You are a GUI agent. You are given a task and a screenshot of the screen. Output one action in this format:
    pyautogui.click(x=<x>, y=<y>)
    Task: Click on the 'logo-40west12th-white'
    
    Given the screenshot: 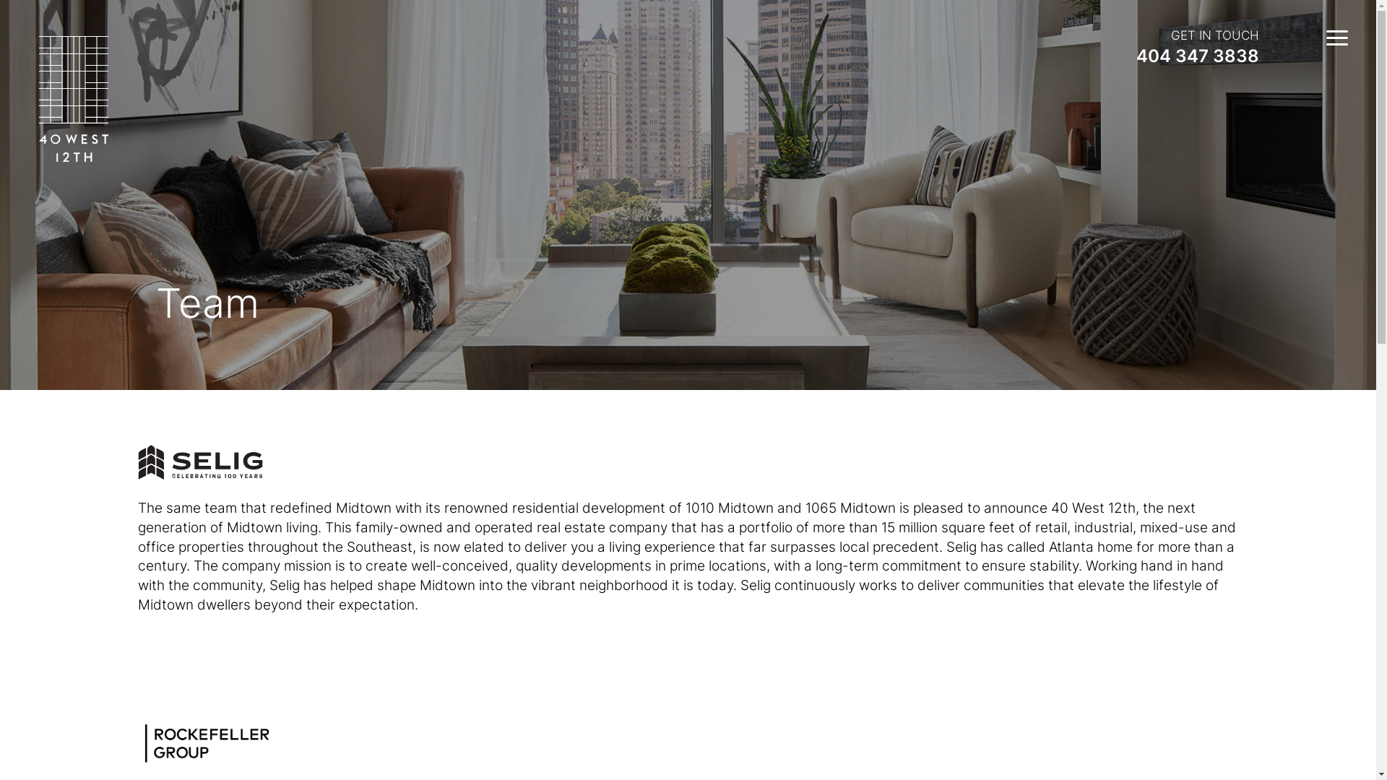 What is the action you would take?
    pyautogui.click(x=72, y=98)
    